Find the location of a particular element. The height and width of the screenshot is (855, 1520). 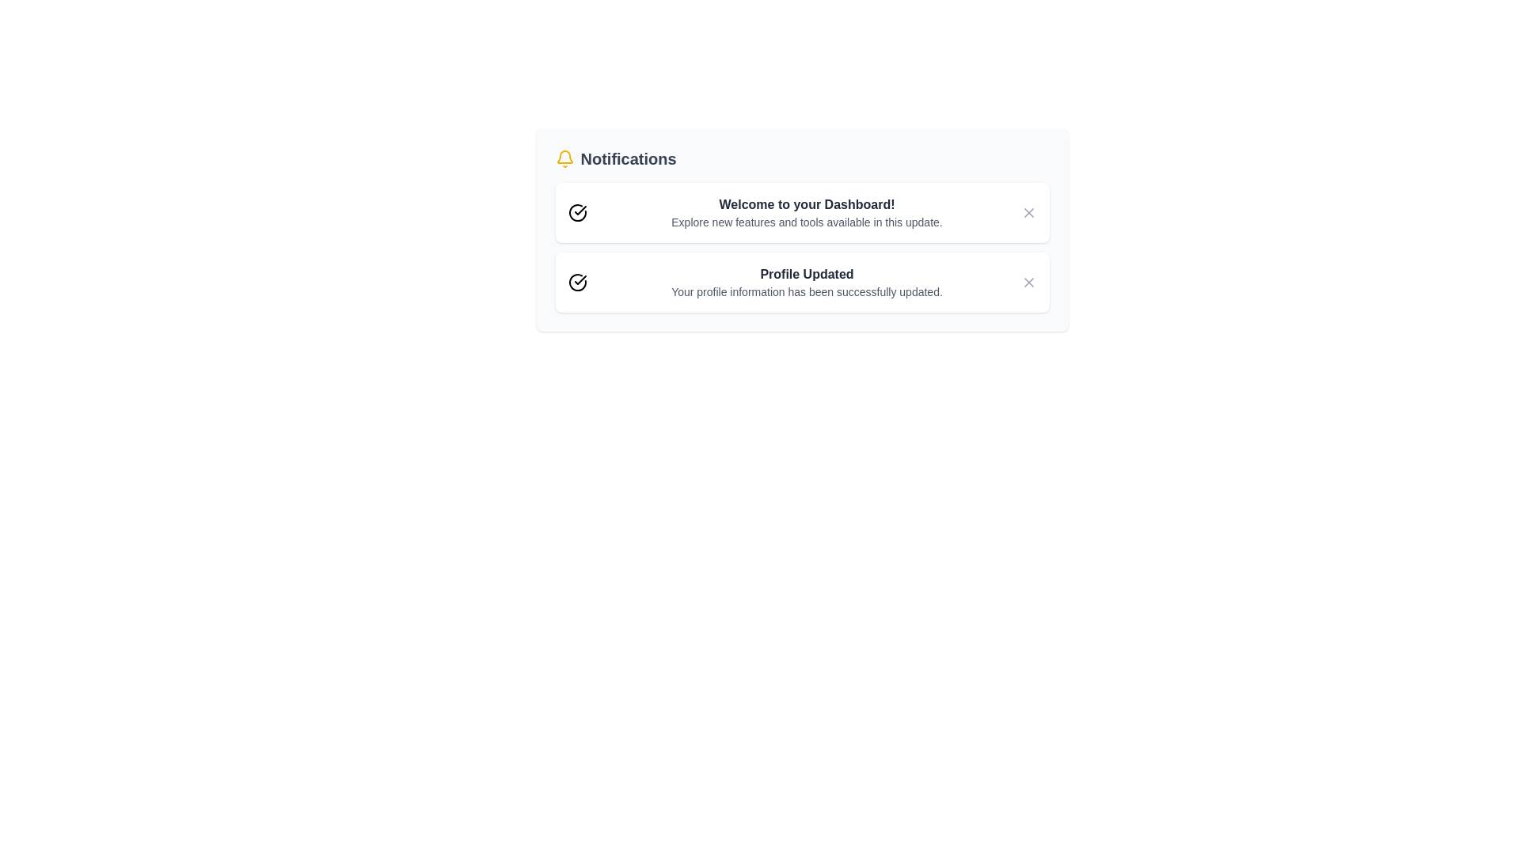

close button for the notification titled 'Welcome to your Dashboard!' is located at coordinates (1028, 212).